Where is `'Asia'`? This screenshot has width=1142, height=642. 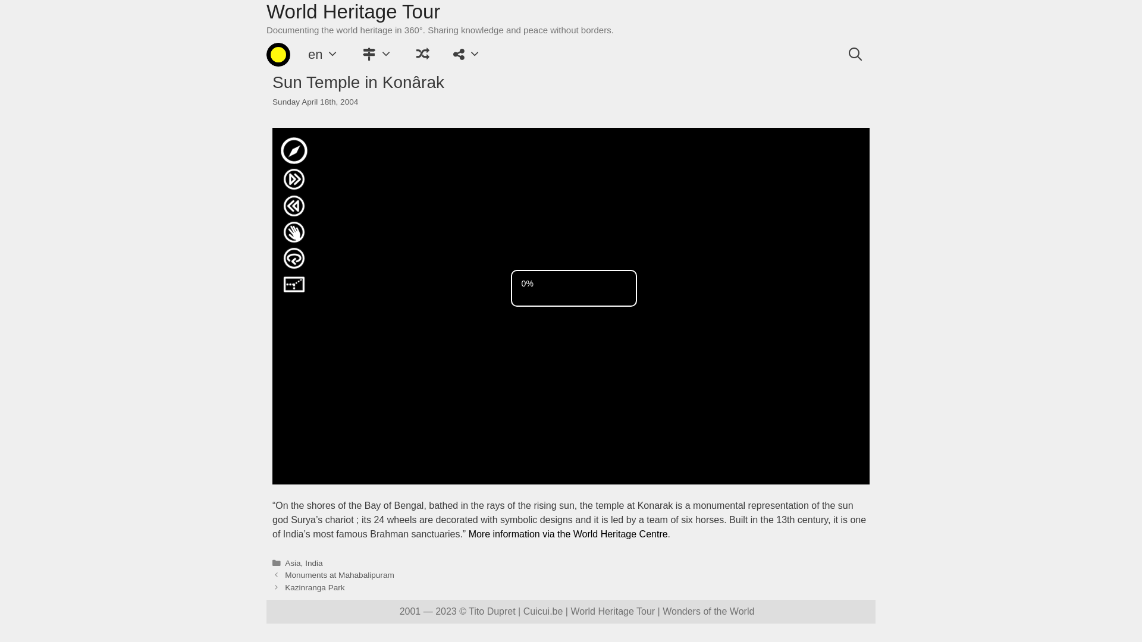 'Asia' is located at coordinates (292, 562).